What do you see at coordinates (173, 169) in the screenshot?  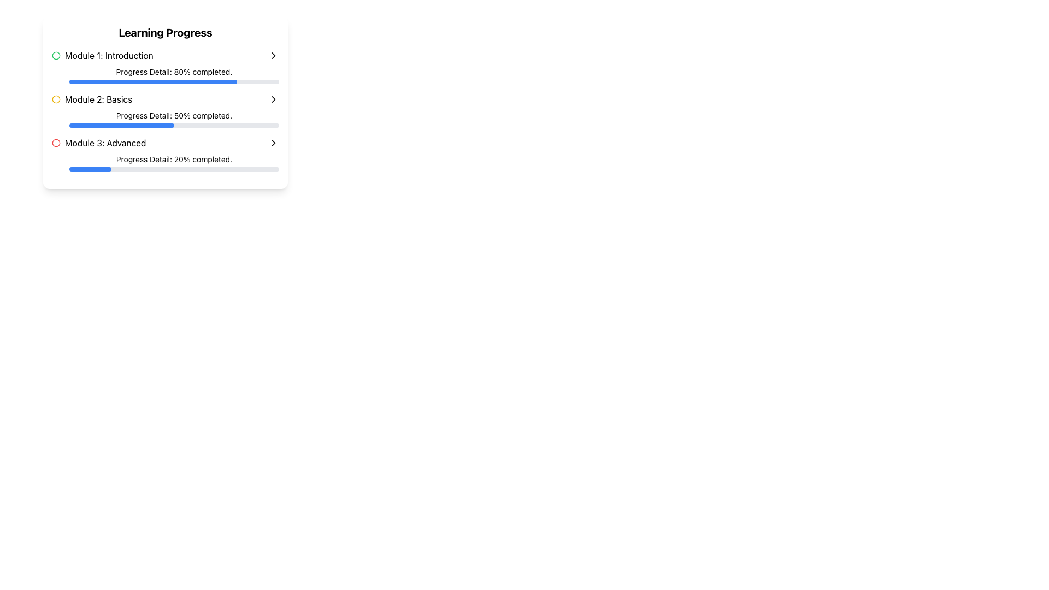 I see `the progress bar indicating 20% completion in the 'Module 3: Advanced' section, located below 'Progress Detail: 20% completed.'` at bounding box center [173, 169].